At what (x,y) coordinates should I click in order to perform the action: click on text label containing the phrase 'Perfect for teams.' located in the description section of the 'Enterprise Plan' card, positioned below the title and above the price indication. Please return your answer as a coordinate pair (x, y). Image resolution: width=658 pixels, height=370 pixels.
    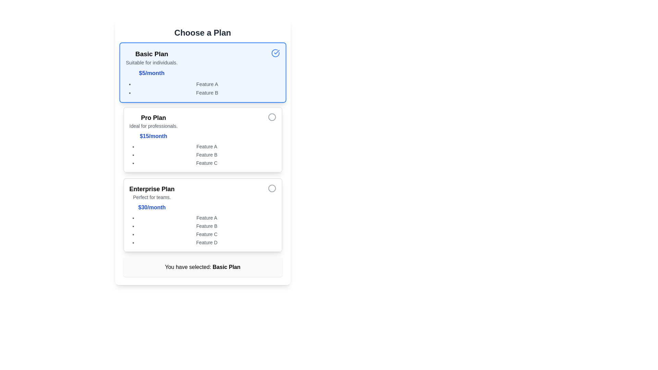
    Looking at the image, I should click on (151, 197).